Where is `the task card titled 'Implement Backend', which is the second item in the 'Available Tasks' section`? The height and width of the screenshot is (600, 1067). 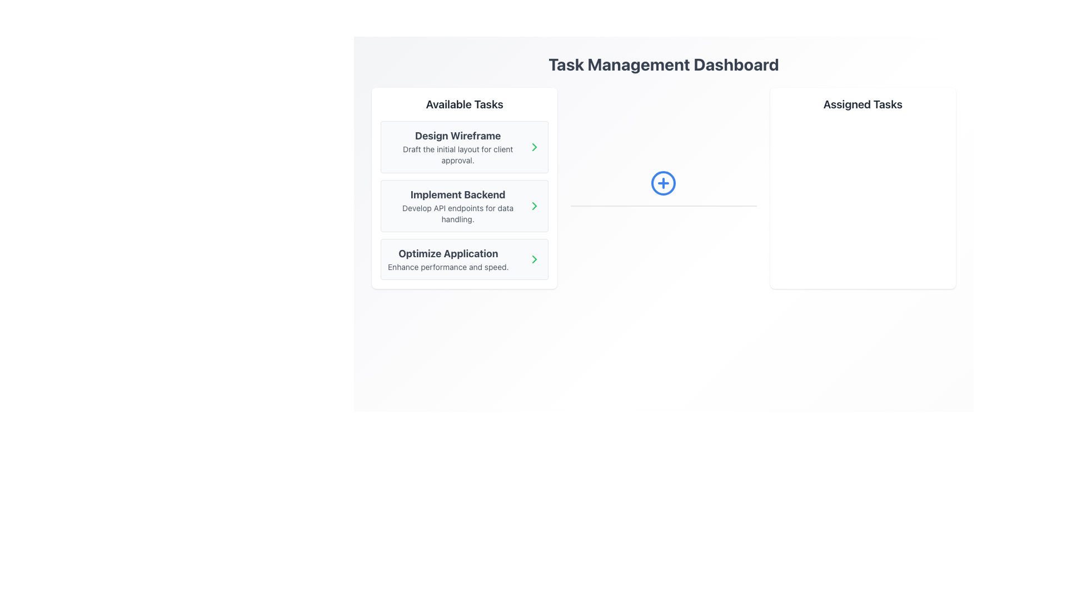 the task card titled 'Implement Backend', which is the second item in the 'Available Tasks' section is located at coordinates (465, 206).